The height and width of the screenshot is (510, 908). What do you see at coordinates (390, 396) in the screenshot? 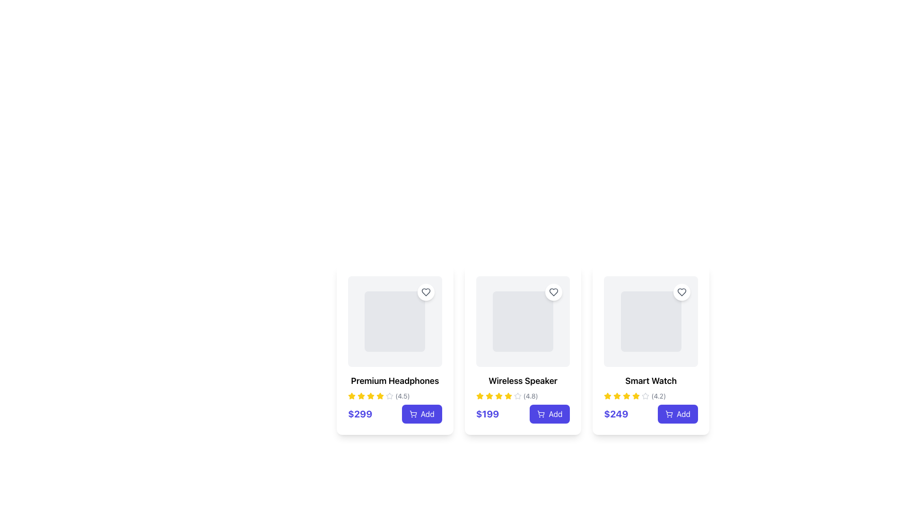
I see `the second star in the star rating indicator for the 'Premium Headphones' product card to check if it becomes interactive` at bounding box center [390, 396].